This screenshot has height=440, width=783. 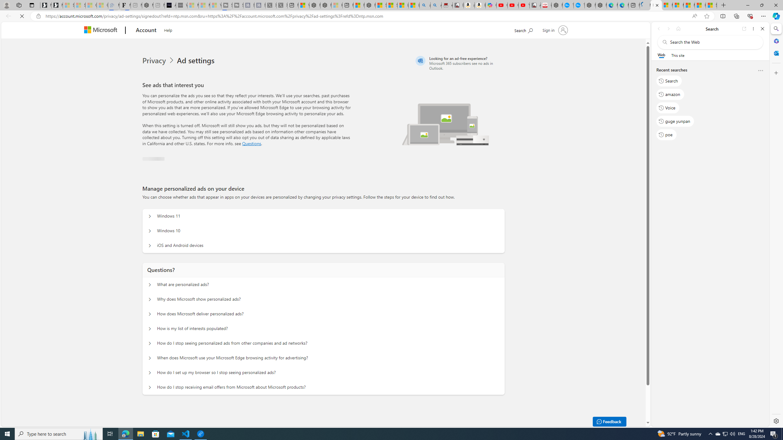 I want to click on 'amazon', so click(x=670, y=94).